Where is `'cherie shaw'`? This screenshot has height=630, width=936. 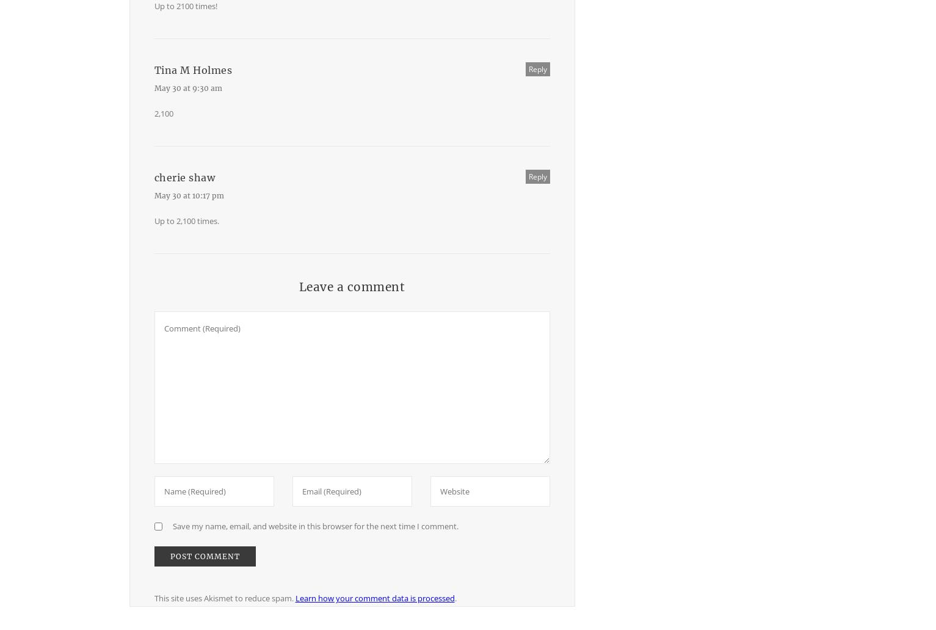 'cherie shaw' is located at coordinates (184, 178).